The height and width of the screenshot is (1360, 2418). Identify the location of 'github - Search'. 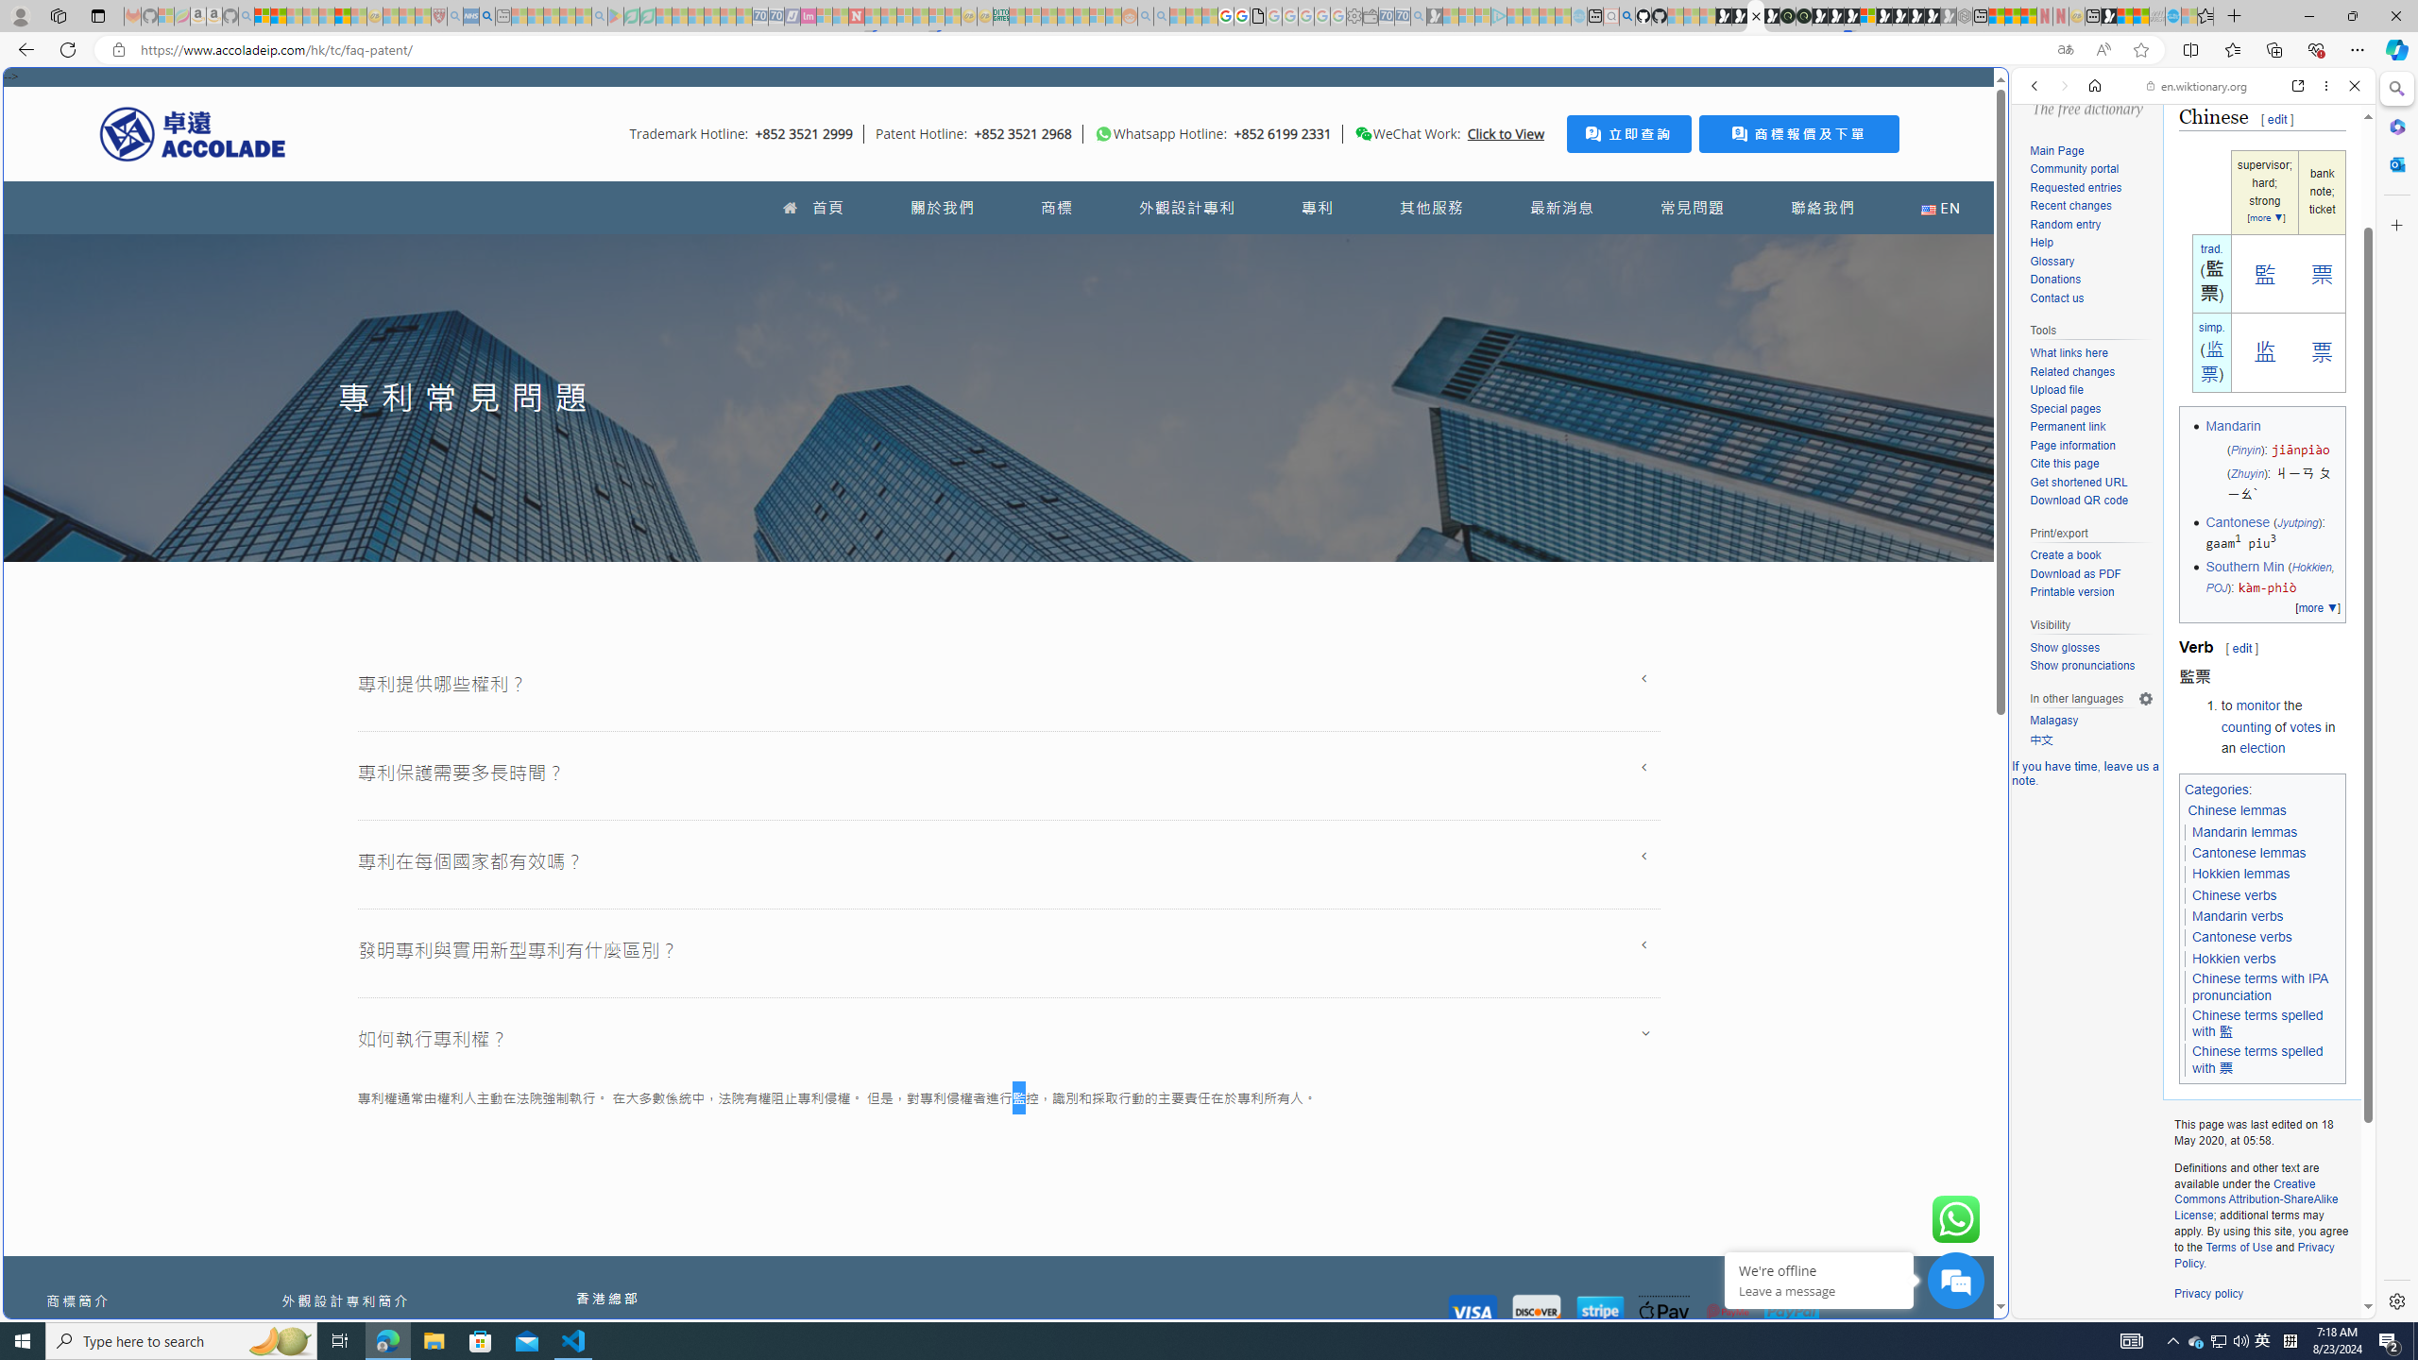
(1626, 15).